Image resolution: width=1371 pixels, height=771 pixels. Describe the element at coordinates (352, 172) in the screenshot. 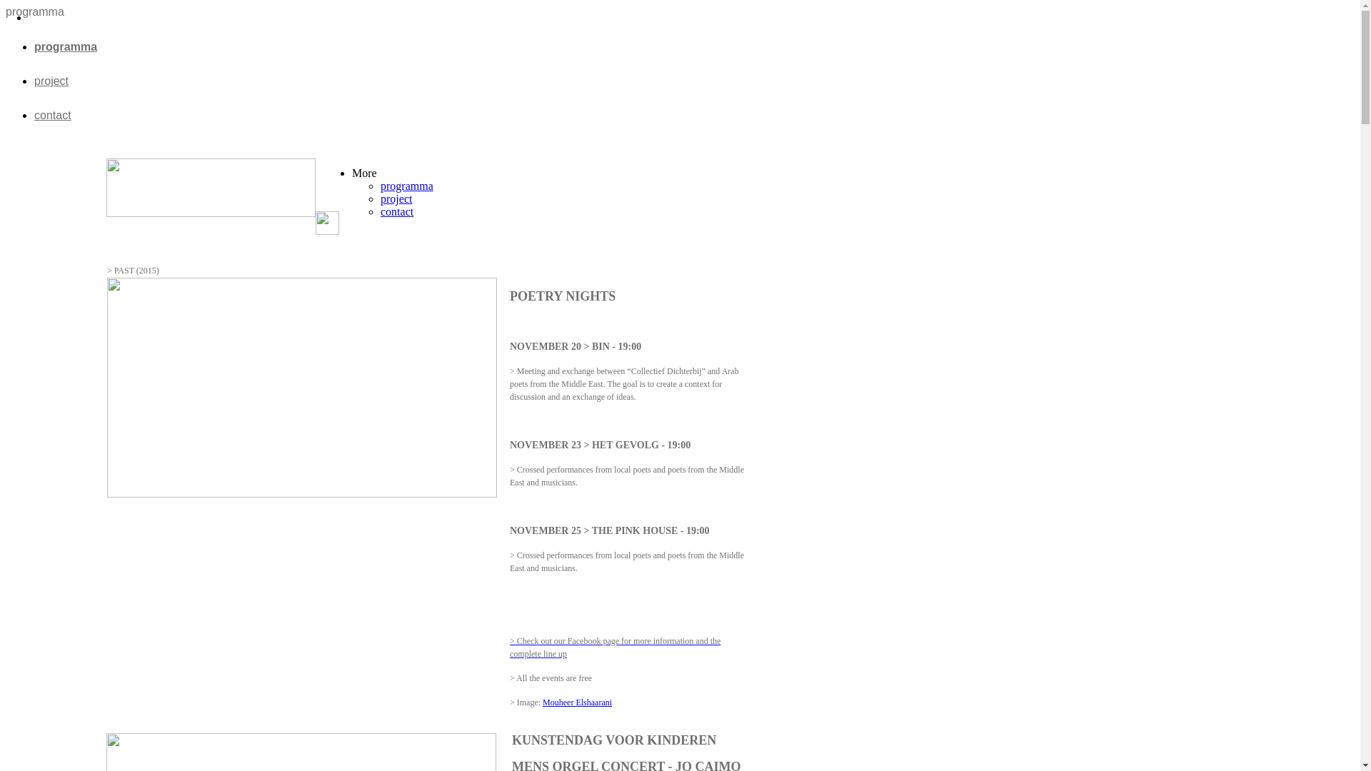

I see `'More'` at that location.